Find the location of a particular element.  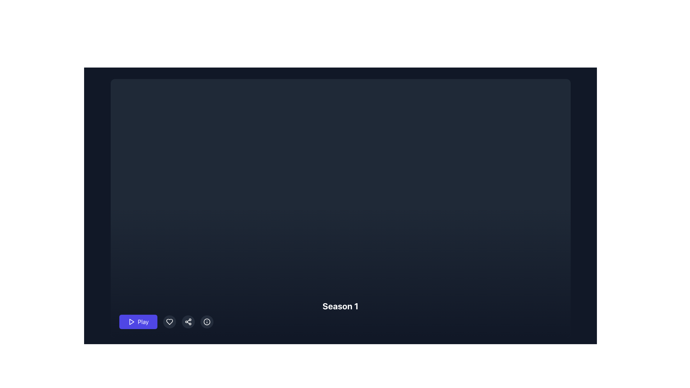

the heart icon that symbolizes a 'like' or 'favorite' function, located in the bottom-left corner of the interface, specifically the second icon from the left is located at coordinates (169, 321).